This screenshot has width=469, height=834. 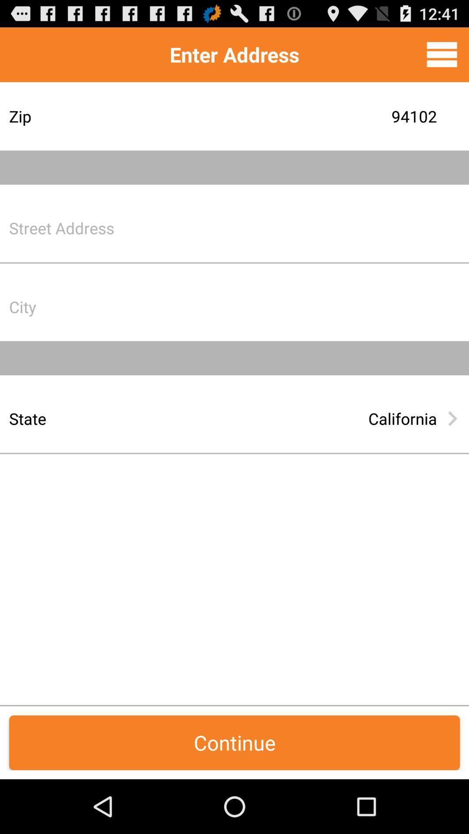 What do you see at coordinates (442, 54) in the screenshot?
I see `menu section` at bounding box center [442, 54].